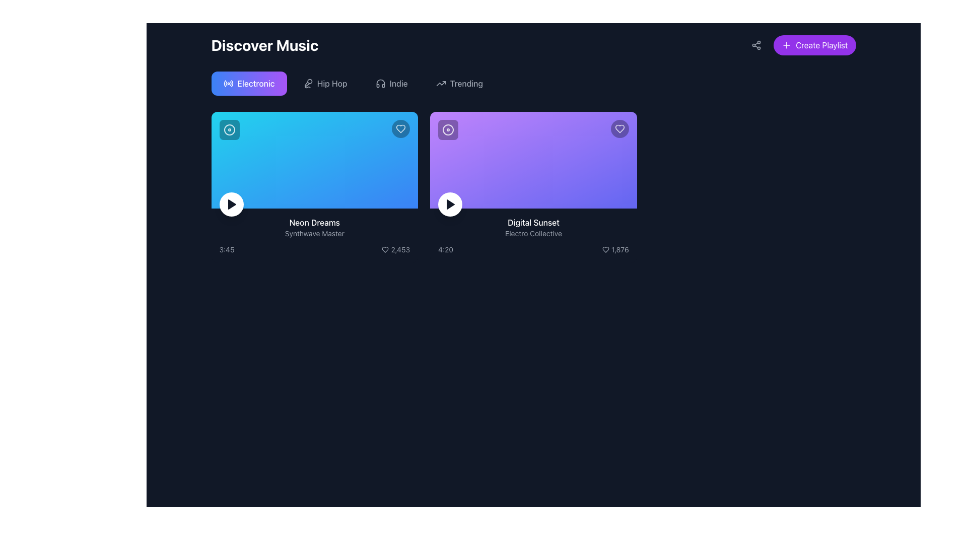  I want to click on the circular play button with a white background and black play icon located on the 'Digital Sunset' card in the Electronic section, so click(450, 204).